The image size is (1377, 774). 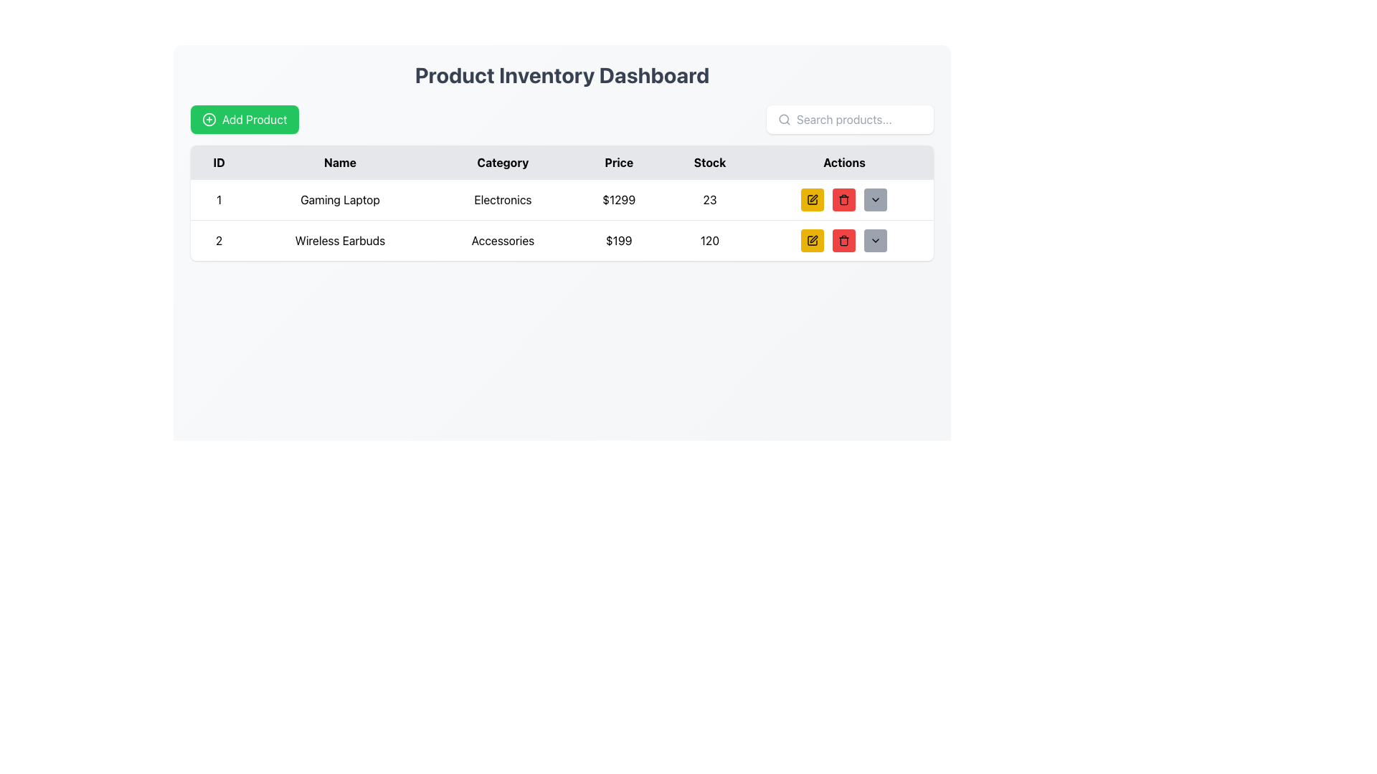 I want to click on the static text element that reads 'Wireless Earbuds', which is the second text element in the 'Name' column of the table, located between the 'ID' column and the 'Category' column, so click(x=339, y=239).